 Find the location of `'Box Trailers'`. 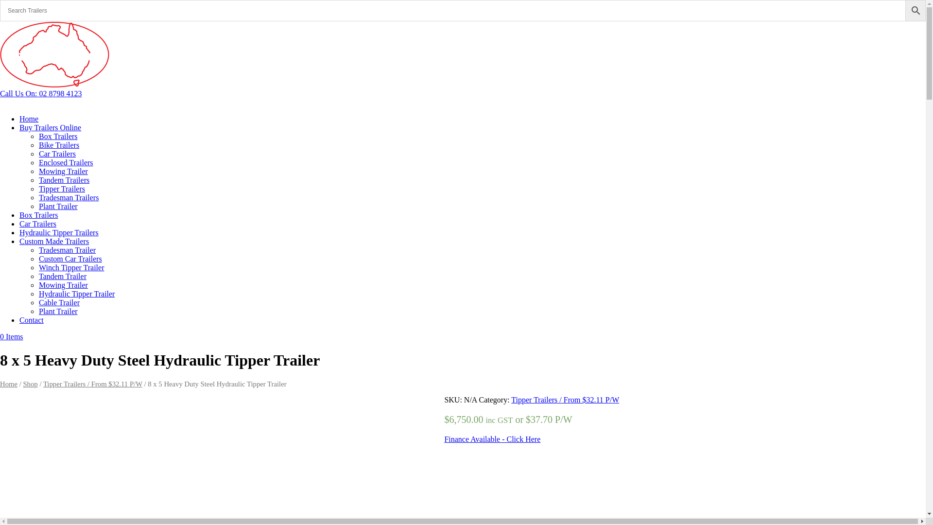

'Box Trailers' is located at coordinates (39, 214).